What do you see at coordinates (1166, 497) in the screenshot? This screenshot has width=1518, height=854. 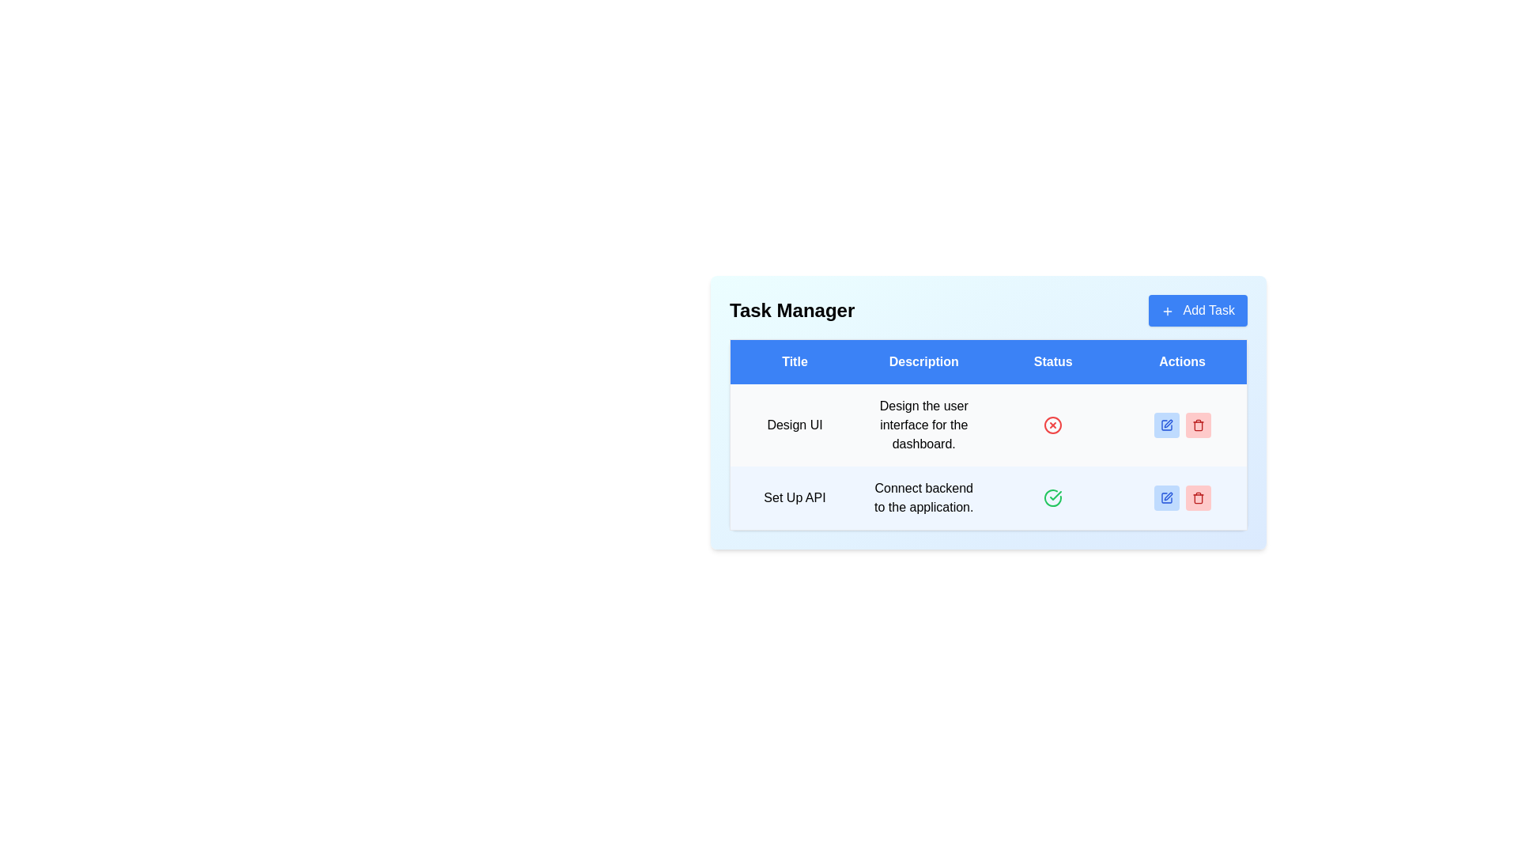 I see `the blue edit symbol icon in the Actions column of the second task row ('Set Up API') in the task manager interface` at bounding box center [1166, 497].